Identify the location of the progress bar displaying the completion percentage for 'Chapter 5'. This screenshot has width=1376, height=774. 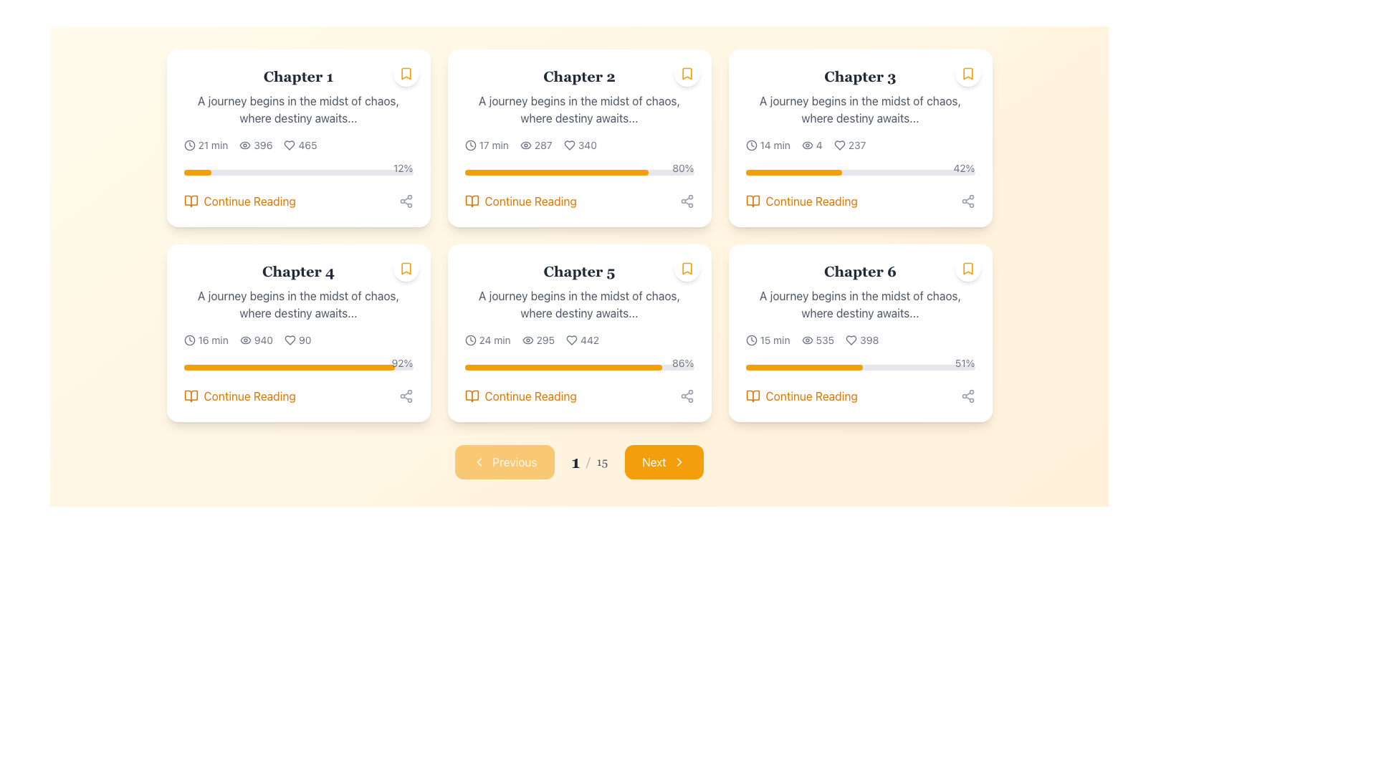
(579, 364).